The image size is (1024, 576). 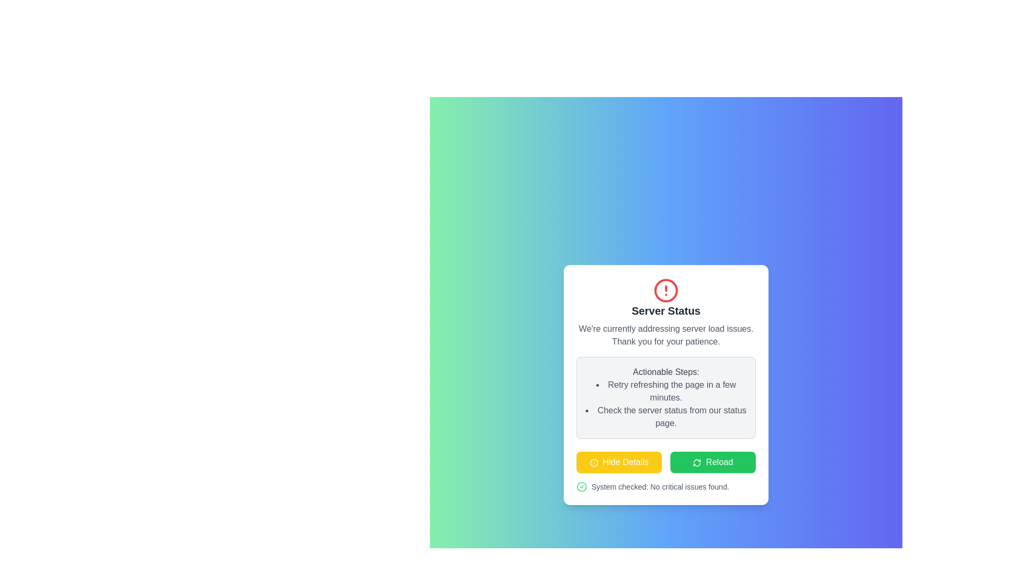 I want to click on the static text reading 'Retry refreshing the page in a few minutes.' which is the first item in the actionable steps list, styled in gray font and preceded by a bullet point, so click(x=665, y=391).